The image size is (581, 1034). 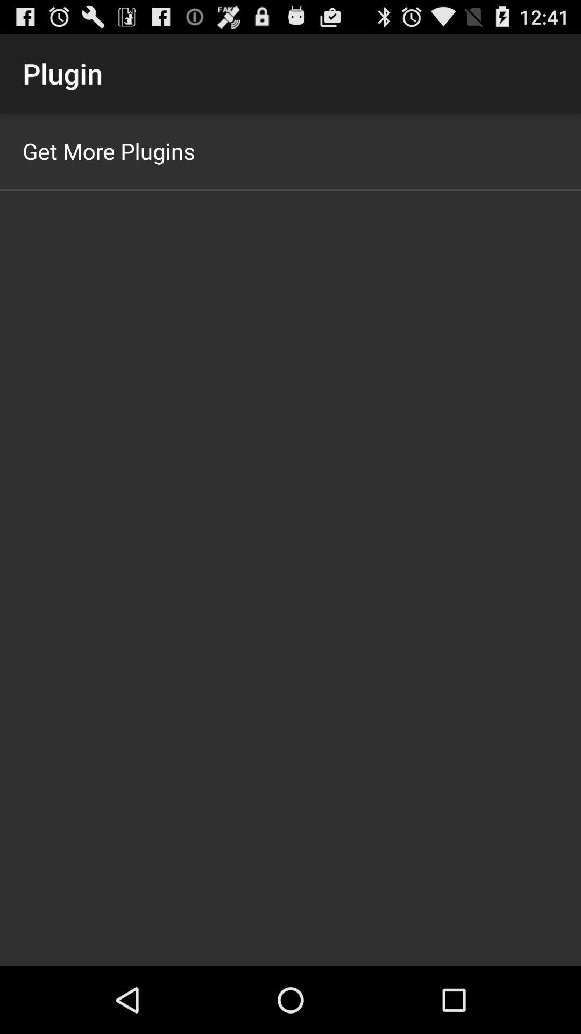 I want to click on icon below plugin, so click(x=109, y=150).